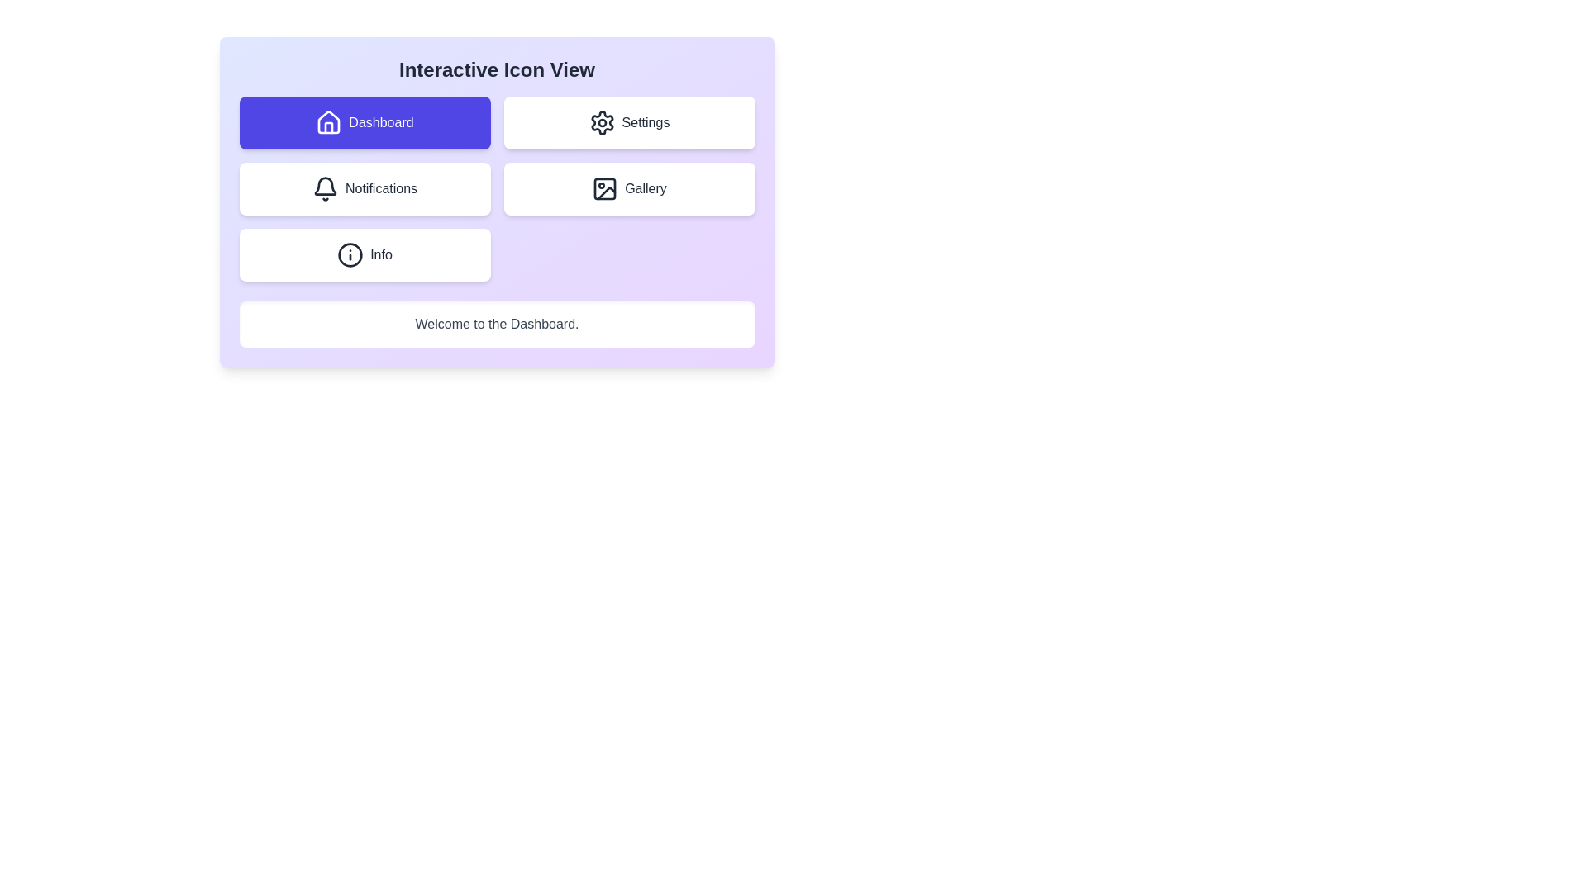 The image size is (1587, 892). What do you see at coordinates (380, 122) in the screenshot?
I see `the 'Dashboard' text label within the button that has a bold indigo background and displays the text in white` at bounding box center [380, 122].